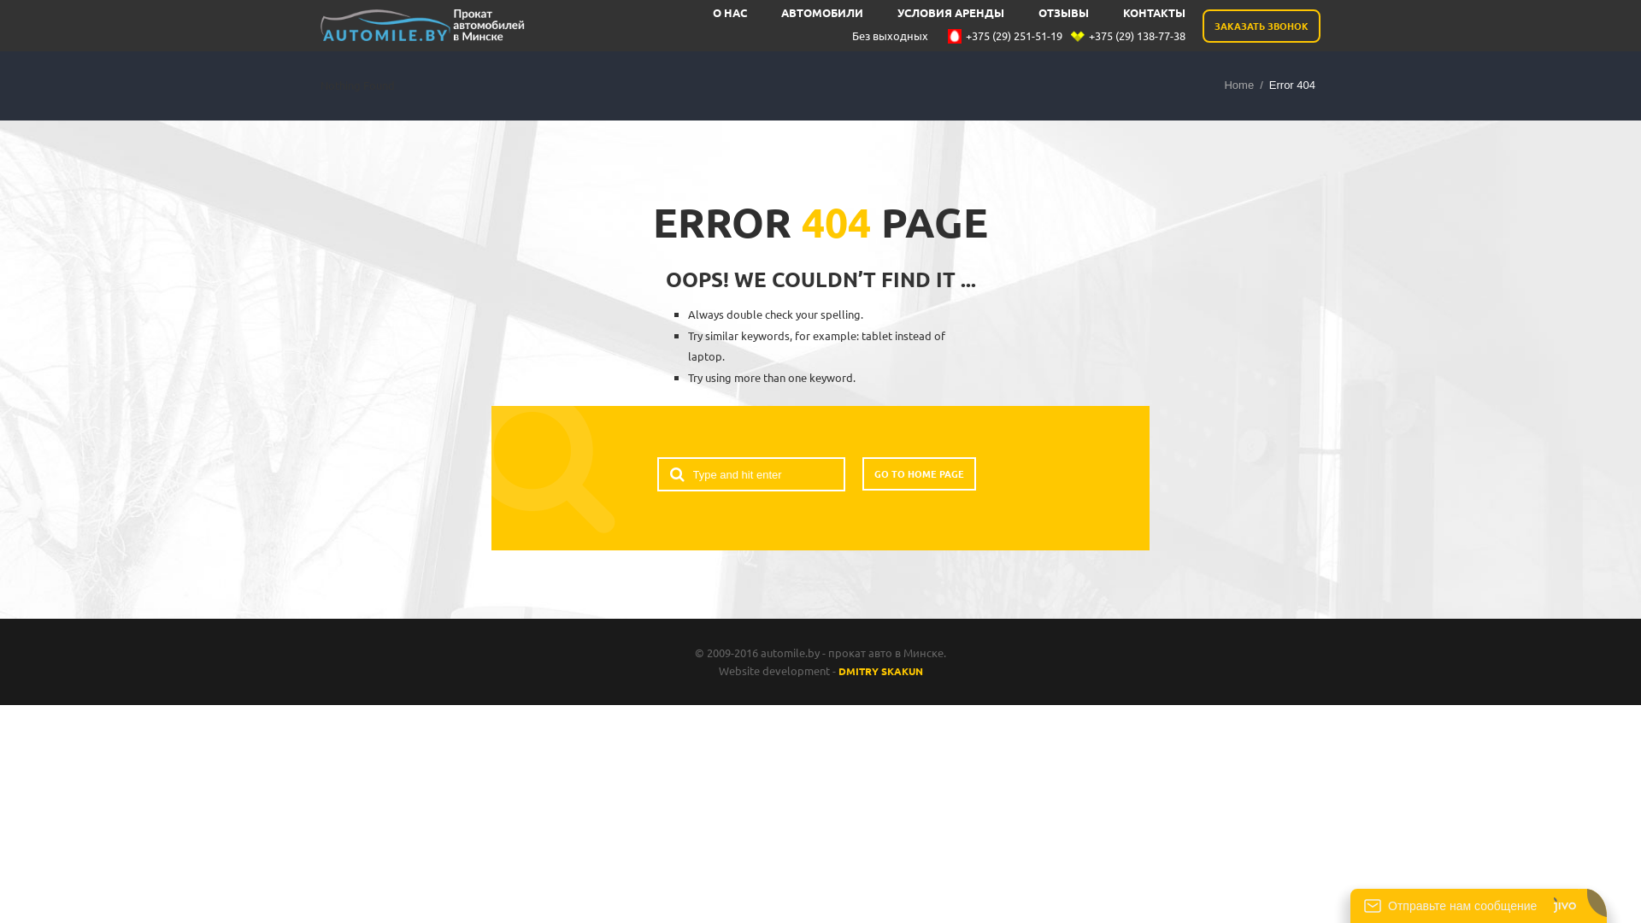 The width and height of the screenshot is (1641, 923). Describe the element at coordinates (1238, 85) in the screenshot. I see `'Home'` at that location.